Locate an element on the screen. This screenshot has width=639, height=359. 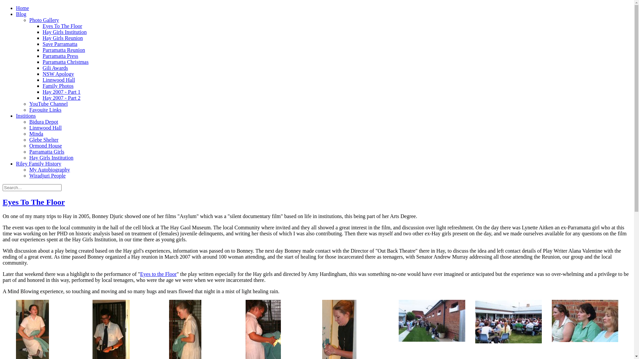
'Parramatta Reunion' is located at coordinates (64, 50).